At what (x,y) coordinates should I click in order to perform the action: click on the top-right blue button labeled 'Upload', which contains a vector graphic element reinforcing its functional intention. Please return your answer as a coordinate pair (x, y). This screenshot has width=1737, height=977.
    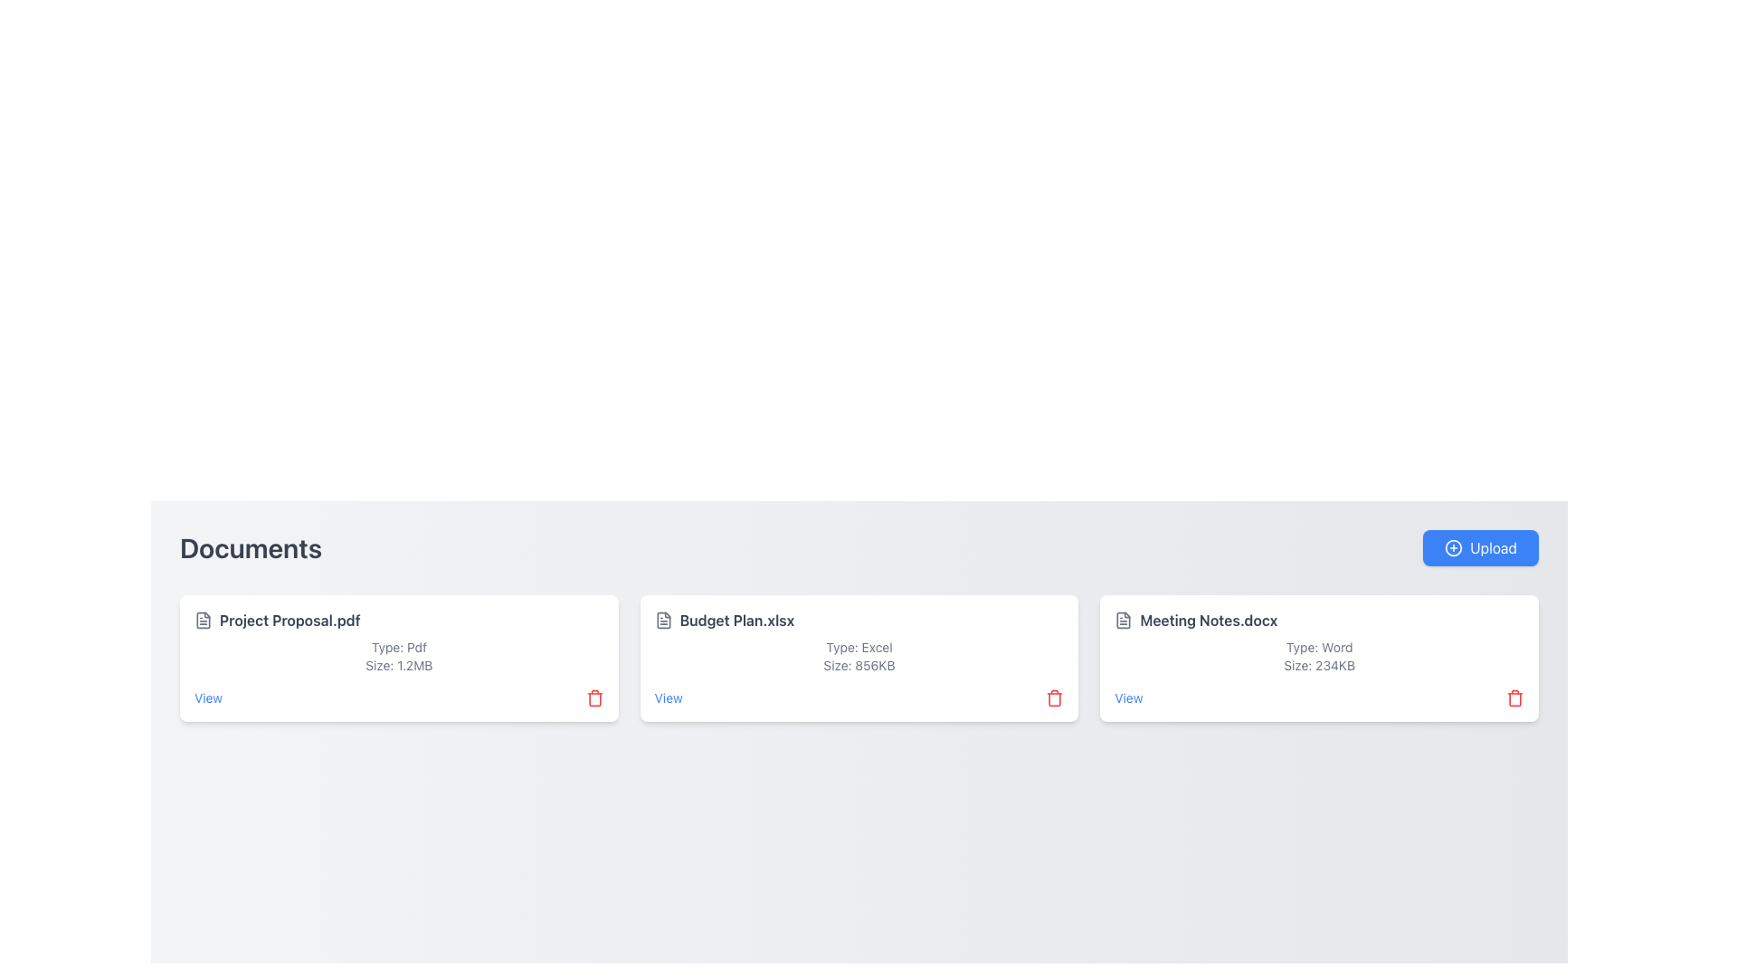
    Looking at the image, I should click on (1454, 546).